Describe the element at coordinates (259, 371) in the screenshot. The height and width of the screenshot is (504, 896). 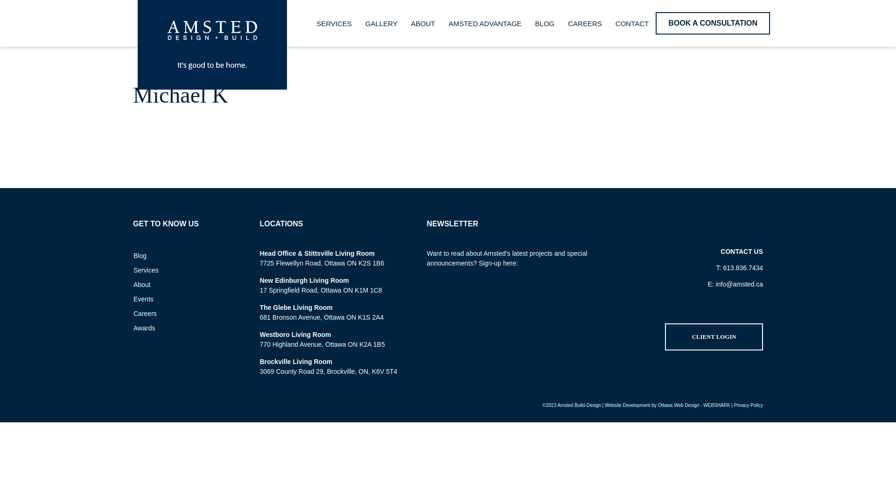
I see `'3069 County Road 29, Brockville, ON, K6V 5T4'` at that location.